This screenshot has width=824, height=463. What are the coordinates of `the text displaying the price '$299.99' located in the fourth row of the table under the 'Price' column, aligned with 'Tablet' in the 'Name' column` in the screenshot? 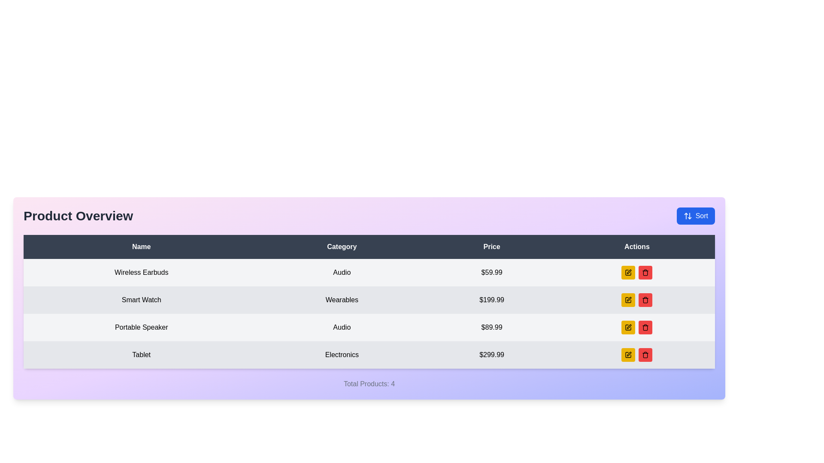 It's located at (492, 355).